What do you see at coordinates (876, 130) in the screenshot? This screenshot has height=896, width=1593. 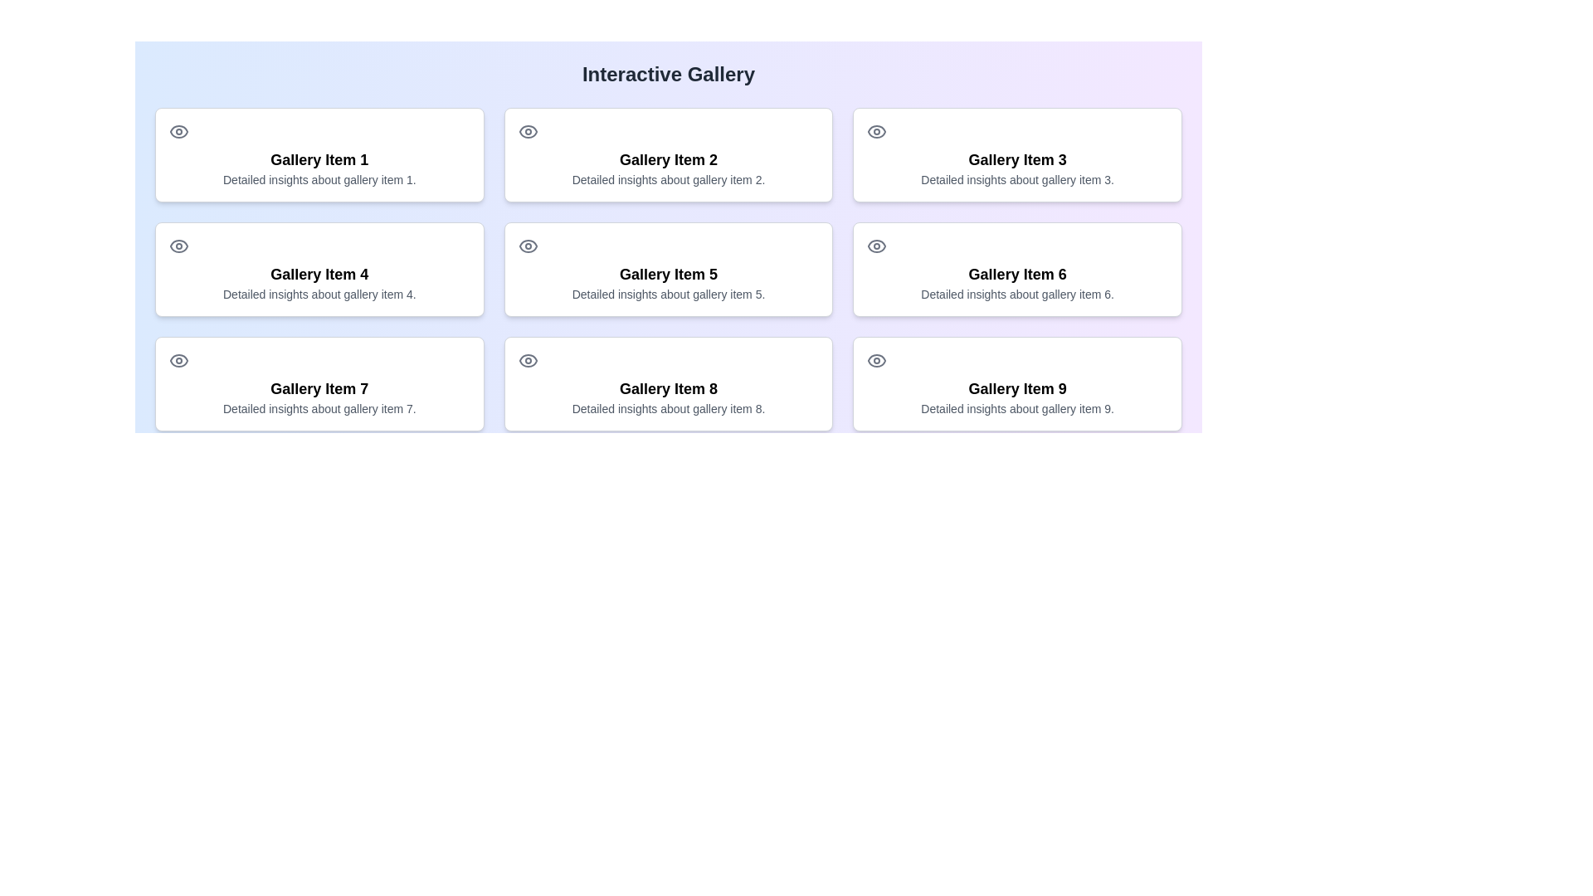 I see `the eye-shaped icon with a circular form and a neutral gray color, which is located above the text 'Gallery Item 3'` at bounding box center [876, 130].